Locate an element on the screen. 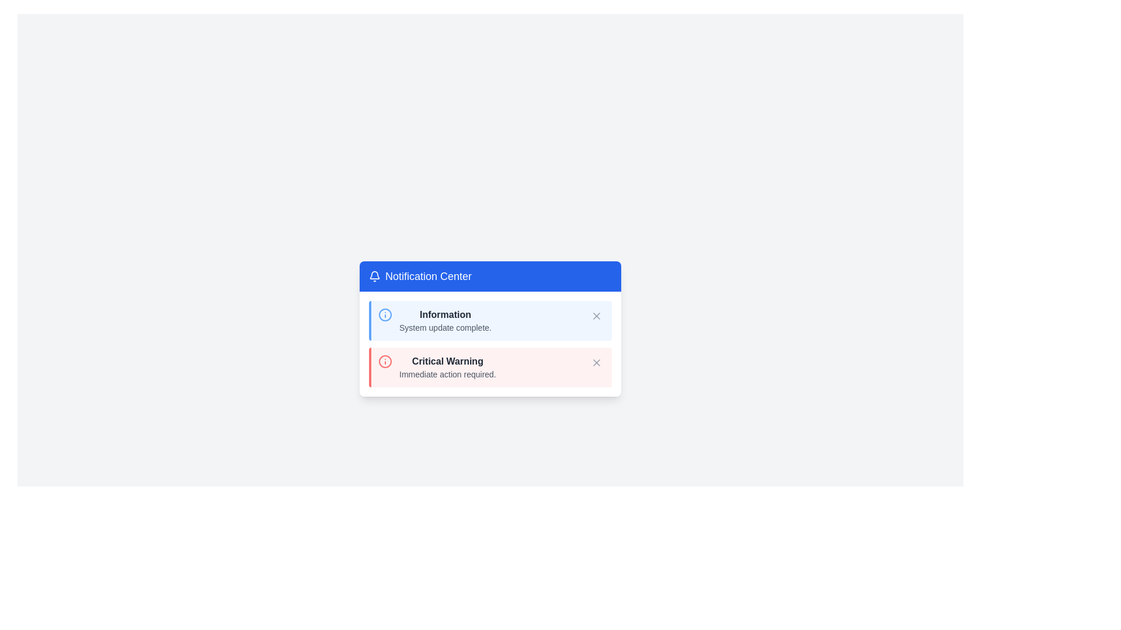 Image resolution: width=1121 pixels, height=630 pixels. the small, square-shaped button with an 'X' icon located at the top-right corner of the notification card titled 'Critical Warning' to change its color is located at coordinates (597, 362).